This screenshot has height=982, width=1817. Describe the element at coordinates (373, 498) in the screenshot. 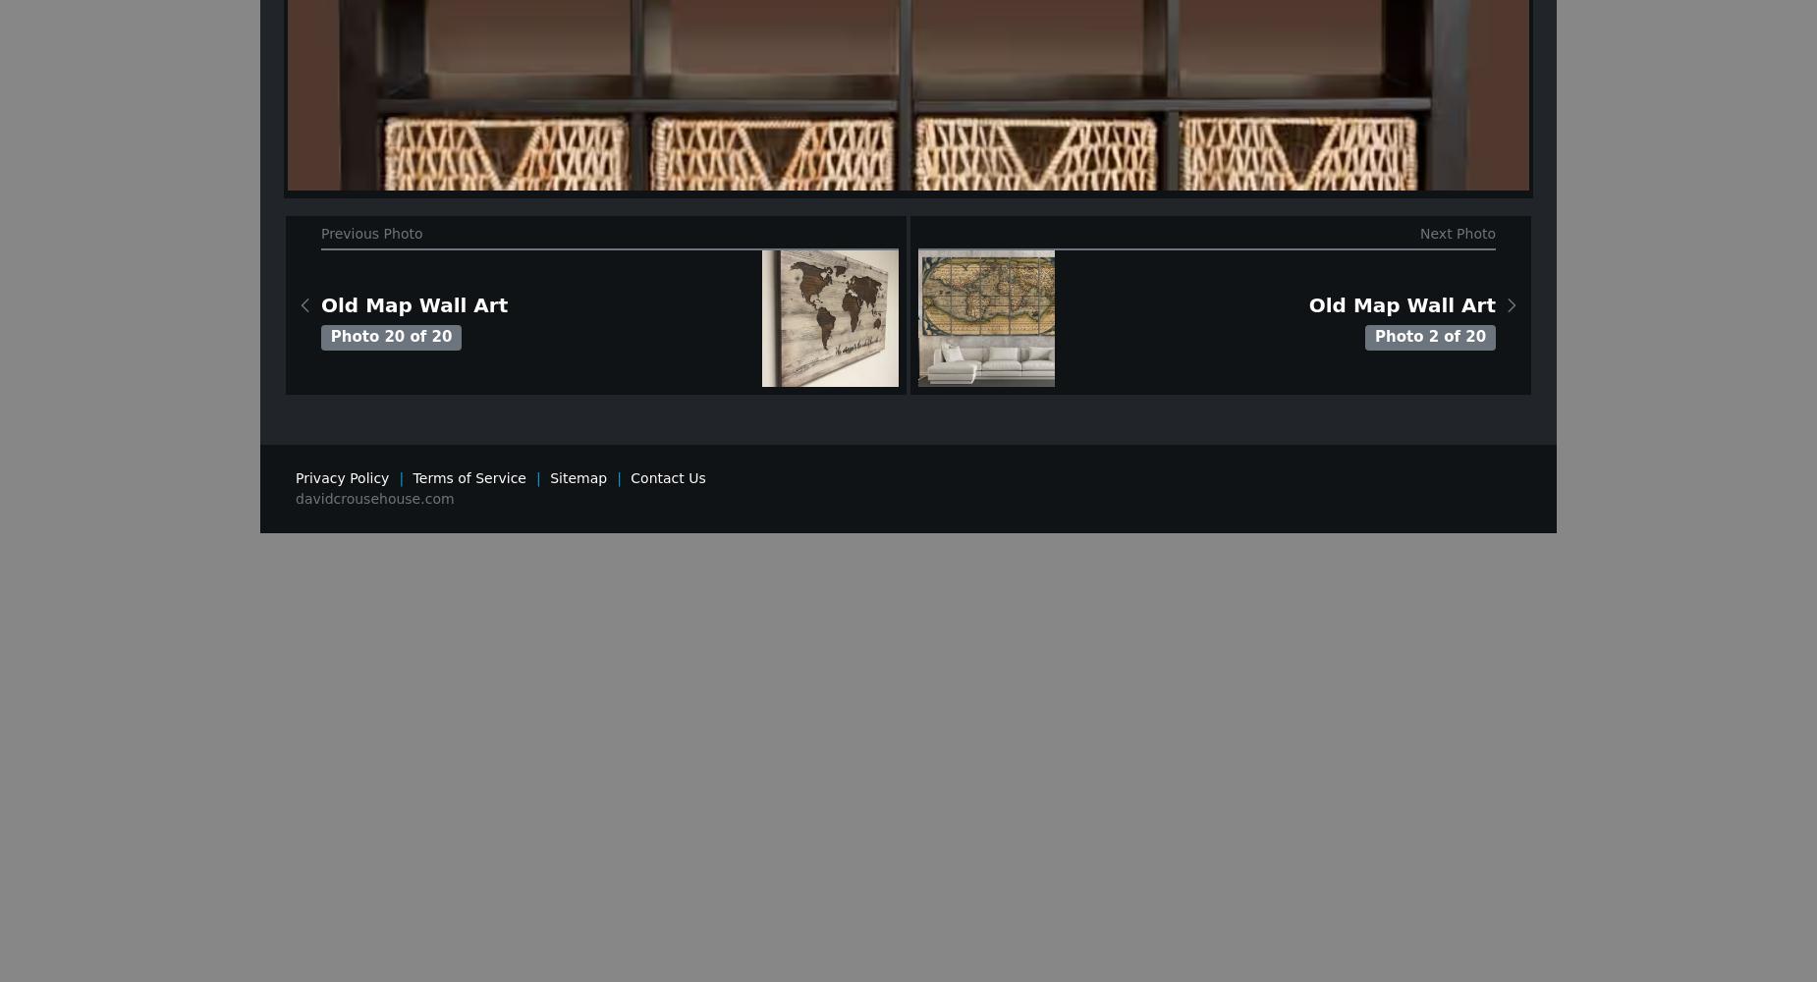

I see `'davidcrousehouse.com'` at that location.